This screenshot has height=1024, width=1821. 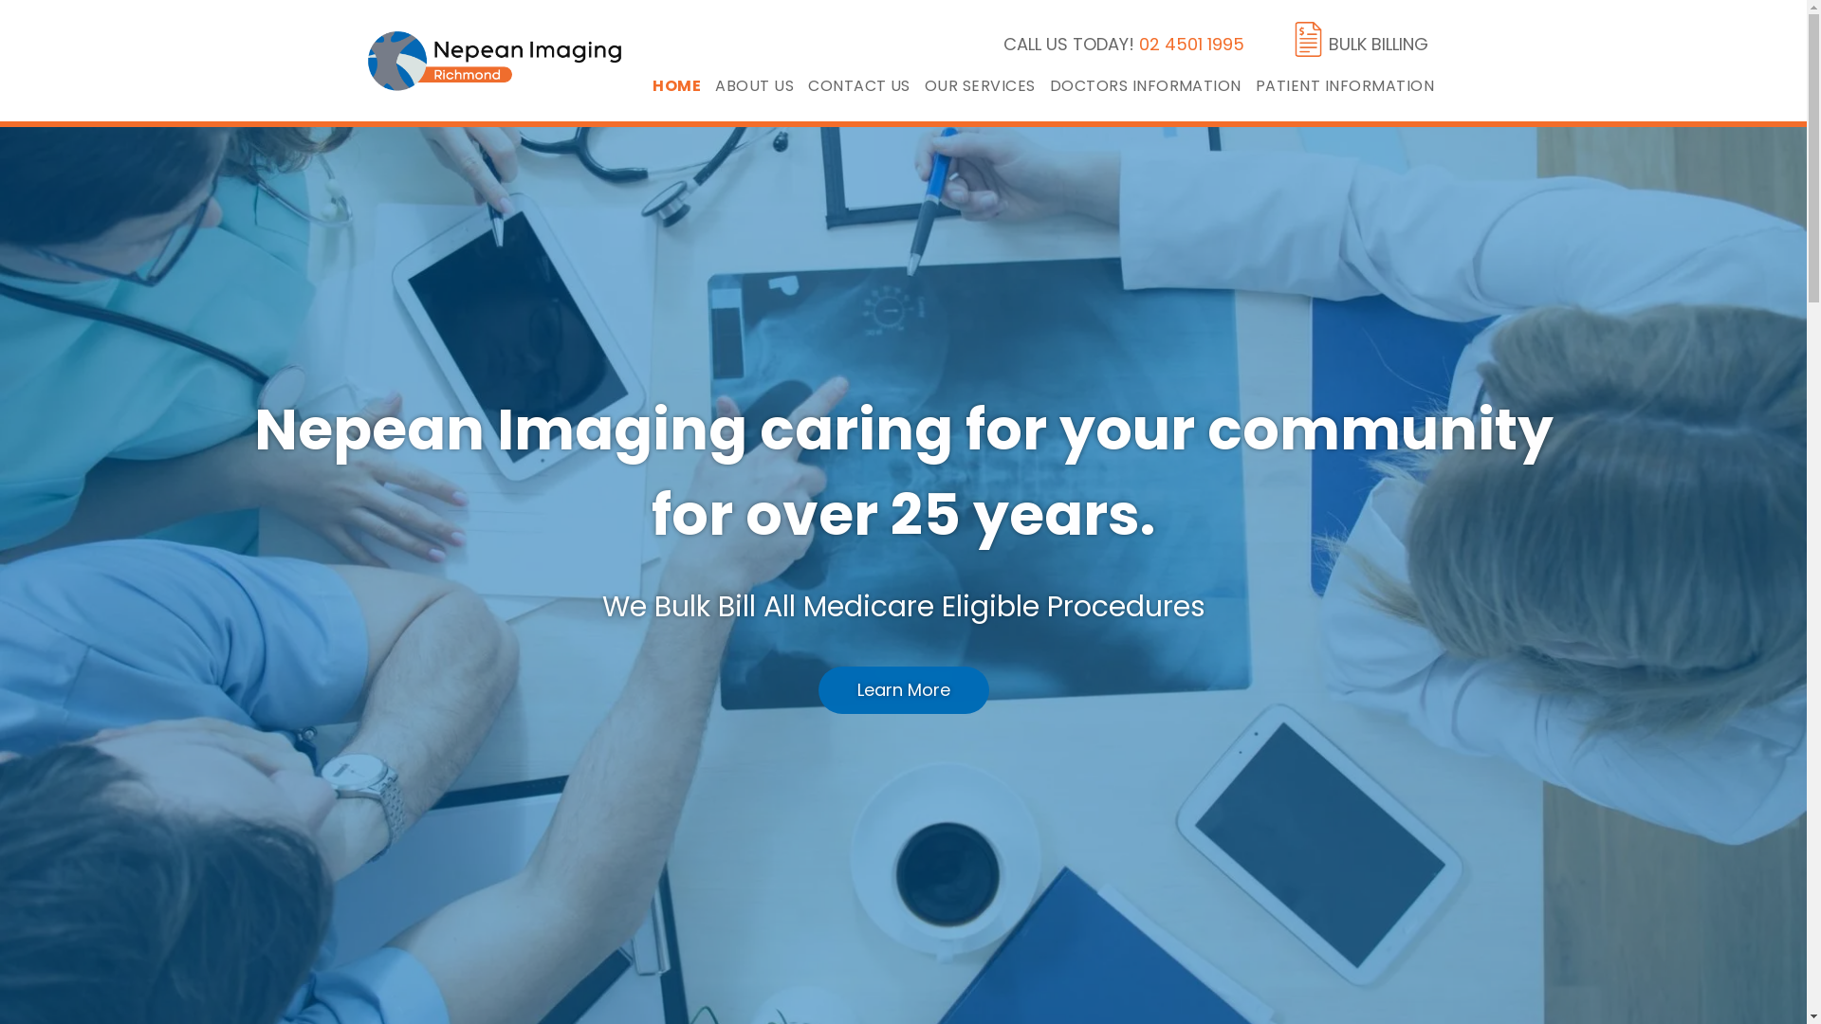 What do you see at coordinates (1190, 43) in the screenshot?
I see `'02 4501 1995'` at bounding box center [1190, 43].